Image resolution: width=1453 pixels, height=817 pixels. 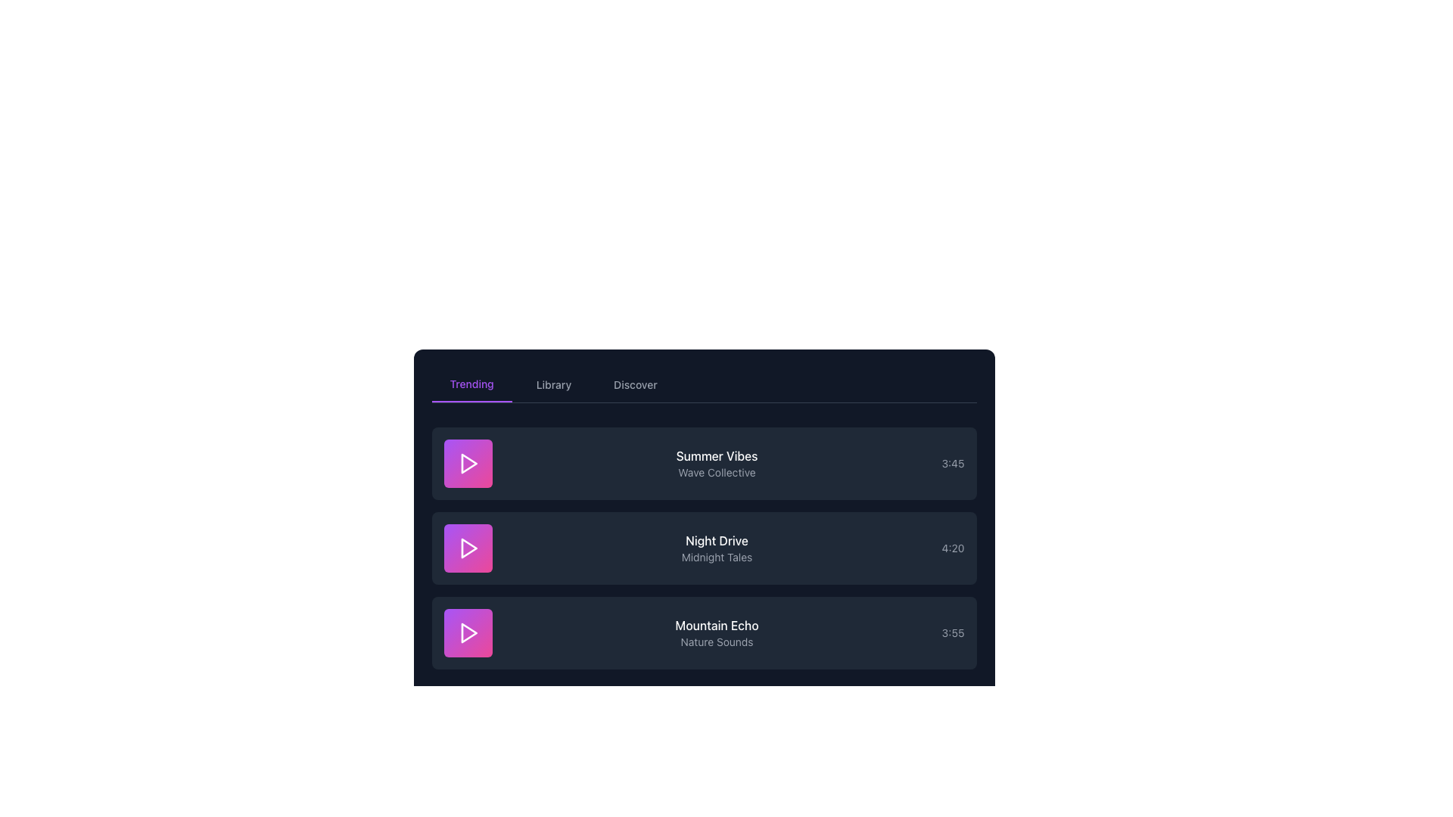 I want to click on the play button located in the second row of the 'Trending' tab, positioned to the left of the 'Night Drive' and 'Midnight Tales' text, to play the associated audio track, so click(x=467, y=548).